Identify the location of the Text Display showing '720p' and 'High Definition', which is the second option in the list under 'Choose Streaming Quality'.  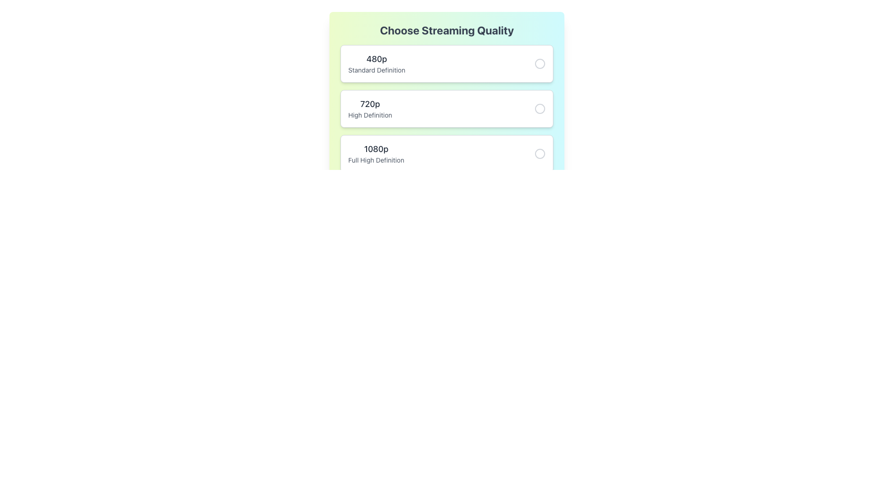
(370, 108).